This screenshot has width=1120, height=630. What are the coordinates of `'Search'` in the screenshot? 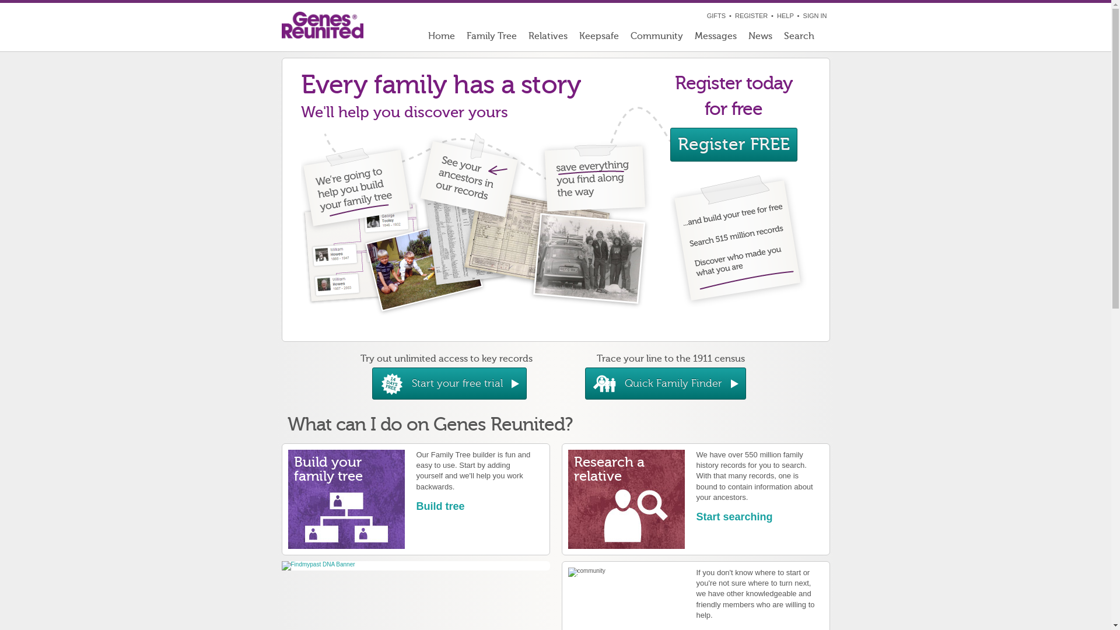 It's located at (803, 38).